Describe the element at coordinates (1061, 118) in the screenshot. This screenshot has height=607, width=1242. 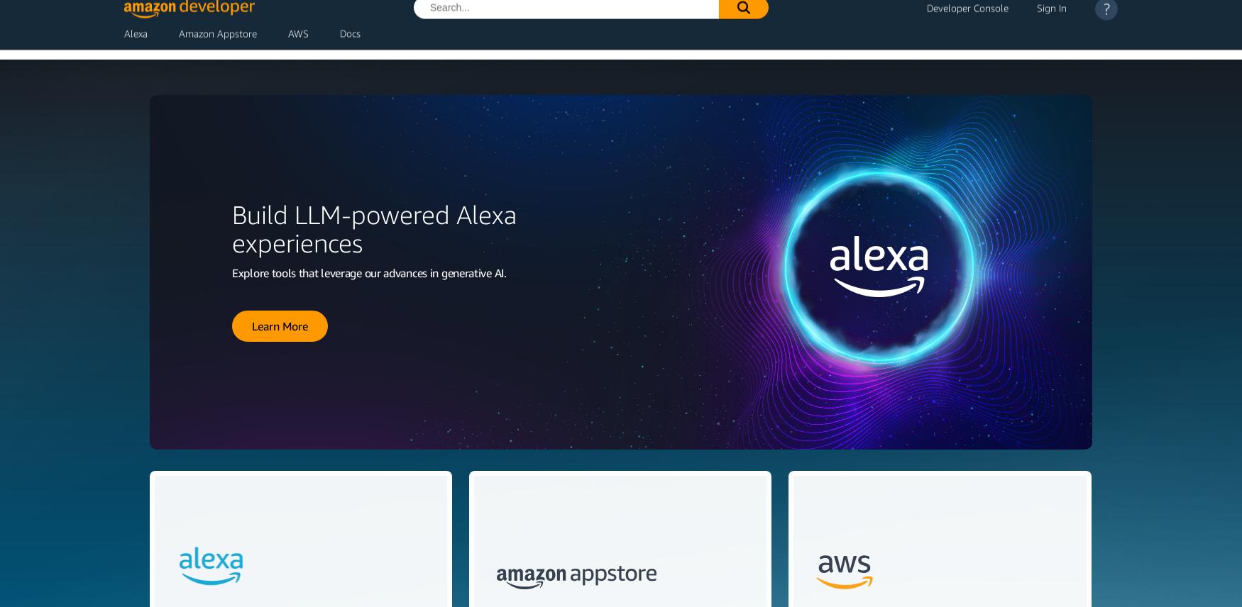
I see `'Contact Us'` at that location.